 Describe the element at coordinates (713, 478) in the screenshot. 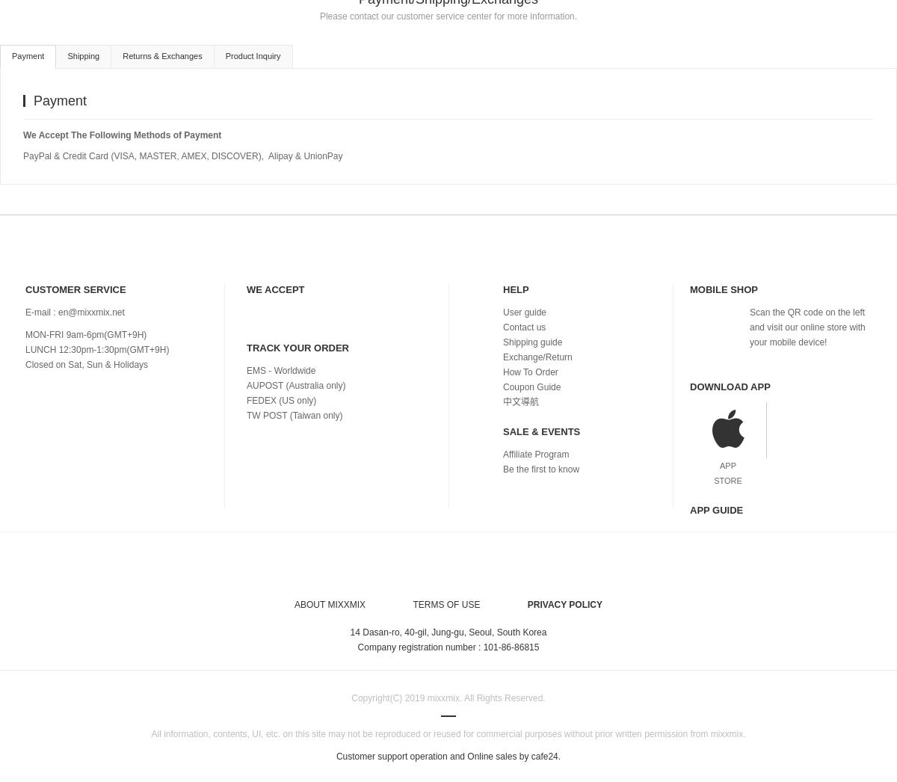

I see `'STORE'` at that location.